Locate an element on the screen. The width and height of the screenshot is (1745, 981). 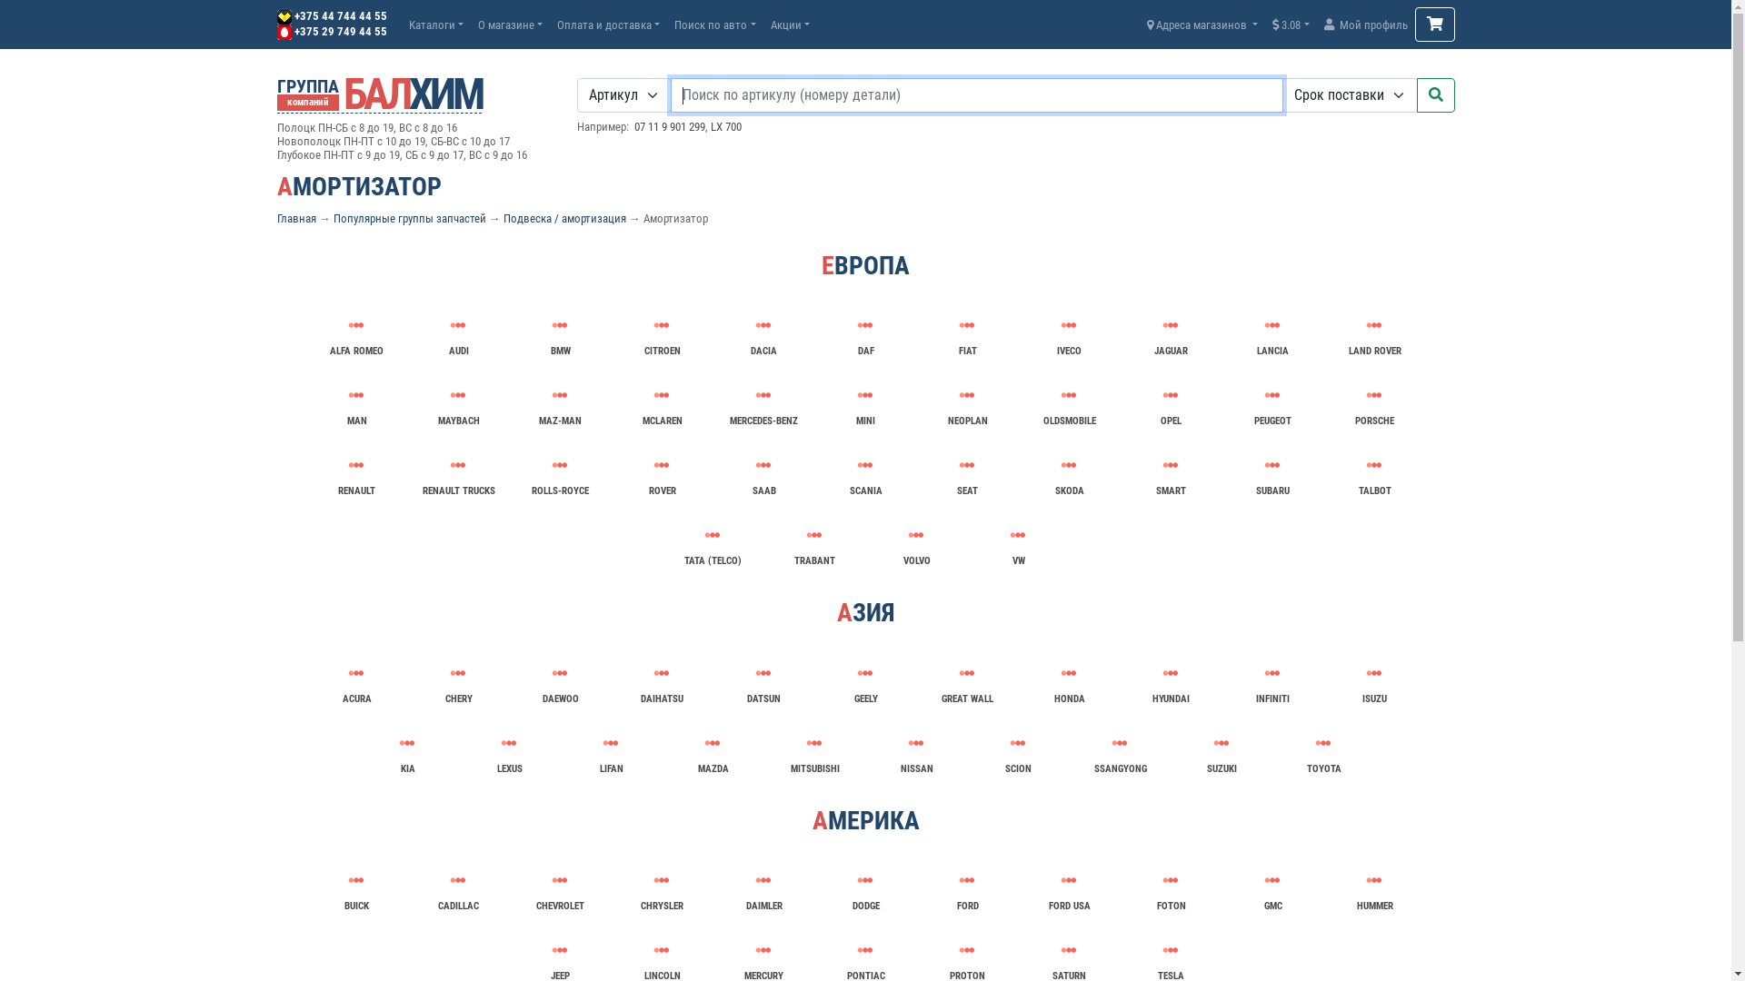
'HUMMER' is located at coordinates (1374, 886).